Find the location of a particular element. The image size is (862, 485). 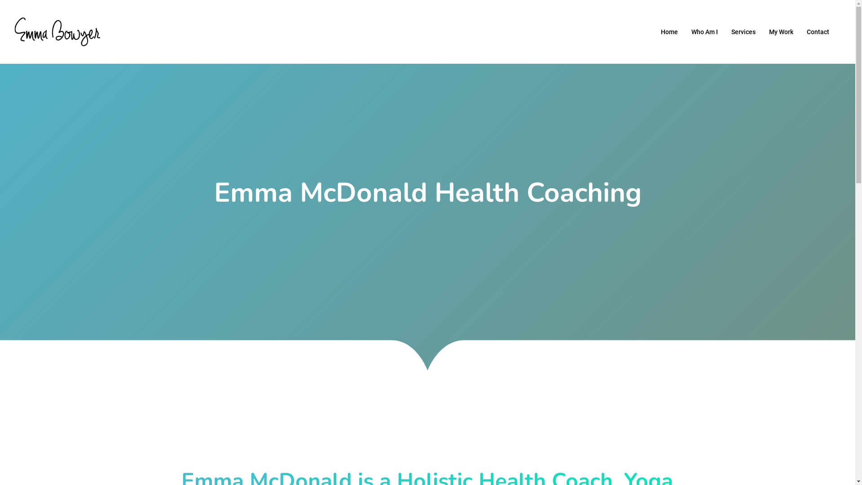

'Who Am I' is located at coordinates (704, 31).